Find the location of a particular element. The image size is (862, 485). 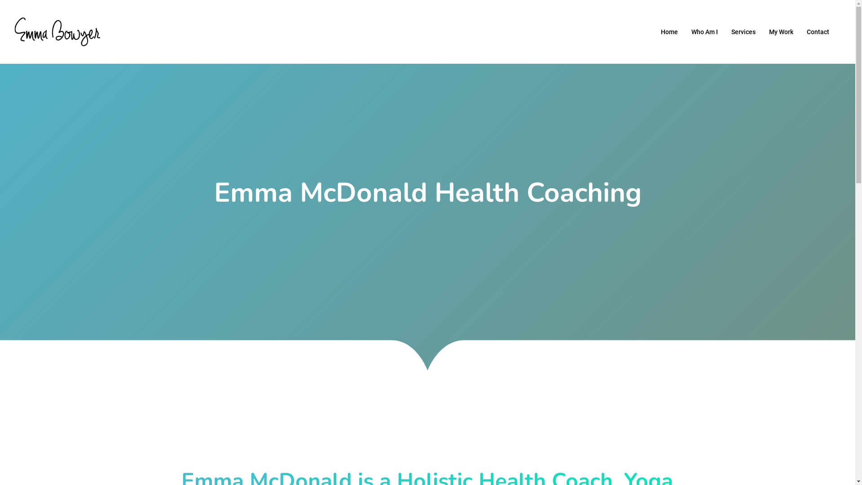

'Who Am I' is located at coordinates (704, 31).